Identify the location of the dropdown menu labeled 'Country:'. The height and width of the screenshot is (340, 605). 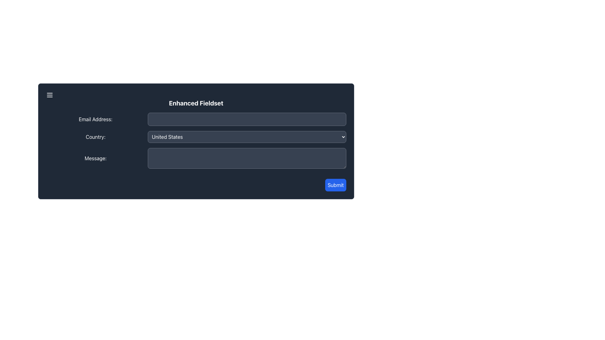
(246, 137).